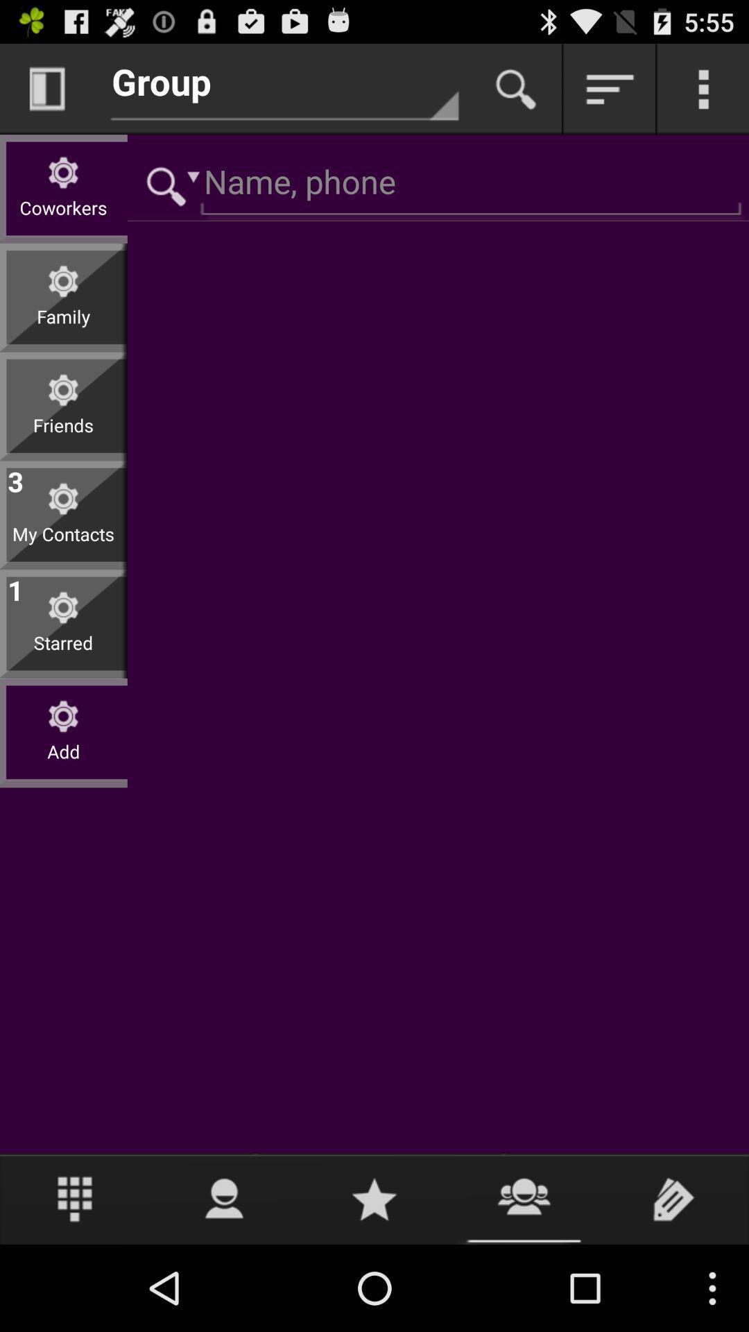  I want to click on the app below the my contacts, so click(15, 588).